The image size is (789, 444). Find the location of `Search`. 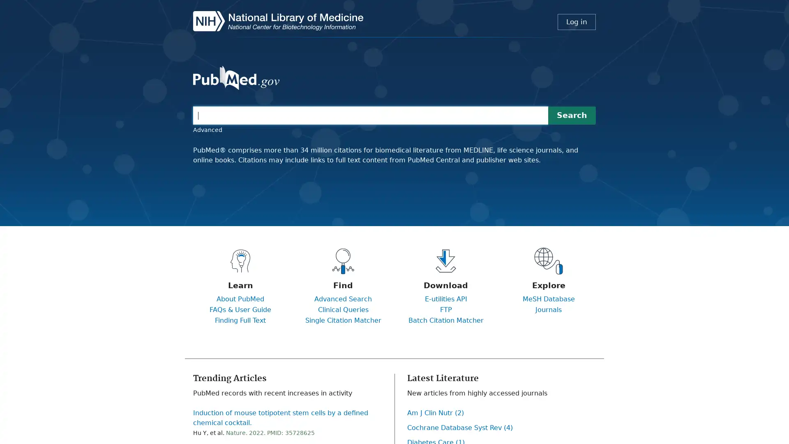

Search is located at coordinates (572, 116).